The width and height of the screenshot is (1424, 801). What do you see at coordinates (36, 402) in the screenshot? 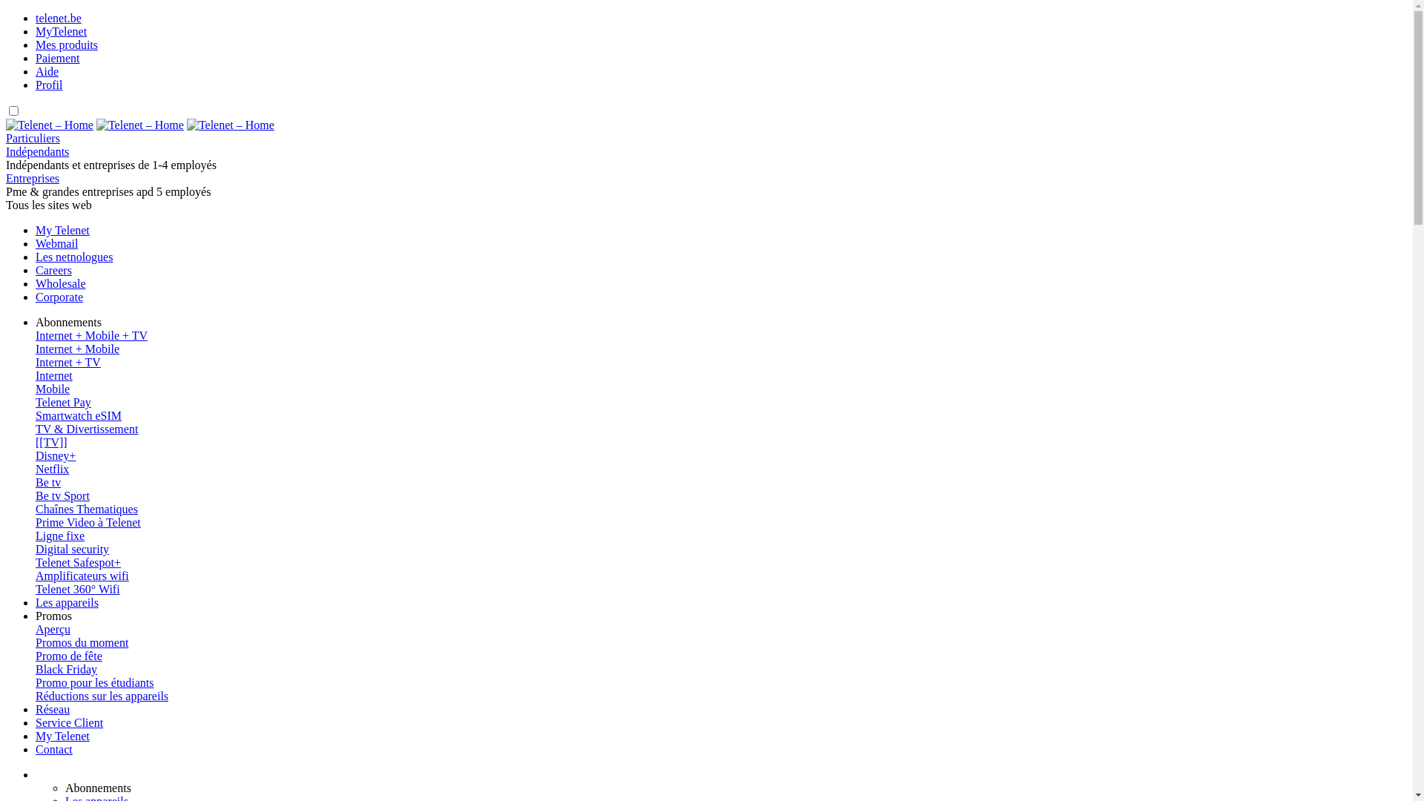
I see `'Telenet Pay'` at bounding box center [36, 402].